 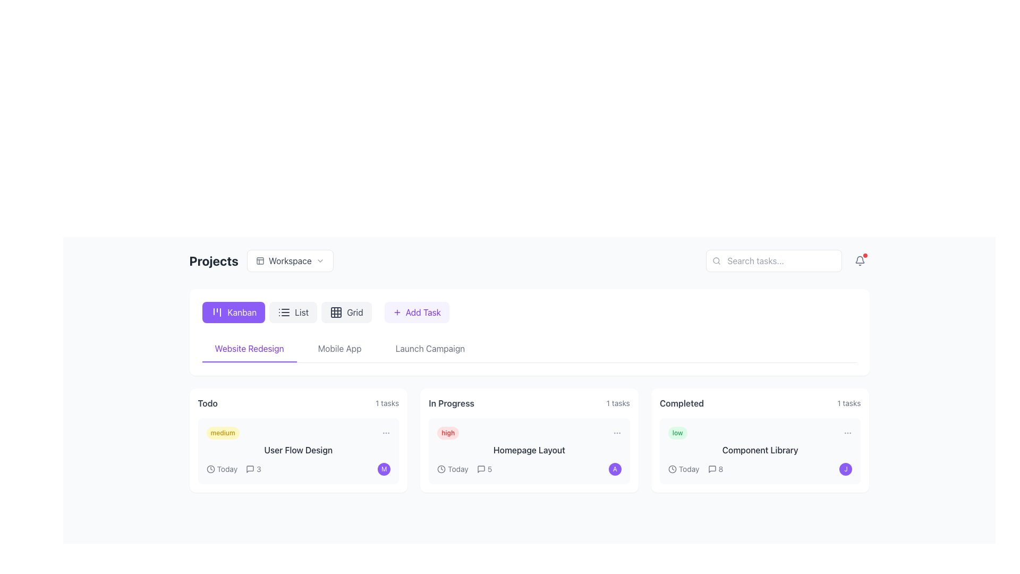 What do you see at coordinates (290, 260) in the screenshot?
I see `the 'Workspace' dropdown menu trigger button, which features a panel layout icon, bold text, and a downward chevron icon` at bounding box center [290, 260].